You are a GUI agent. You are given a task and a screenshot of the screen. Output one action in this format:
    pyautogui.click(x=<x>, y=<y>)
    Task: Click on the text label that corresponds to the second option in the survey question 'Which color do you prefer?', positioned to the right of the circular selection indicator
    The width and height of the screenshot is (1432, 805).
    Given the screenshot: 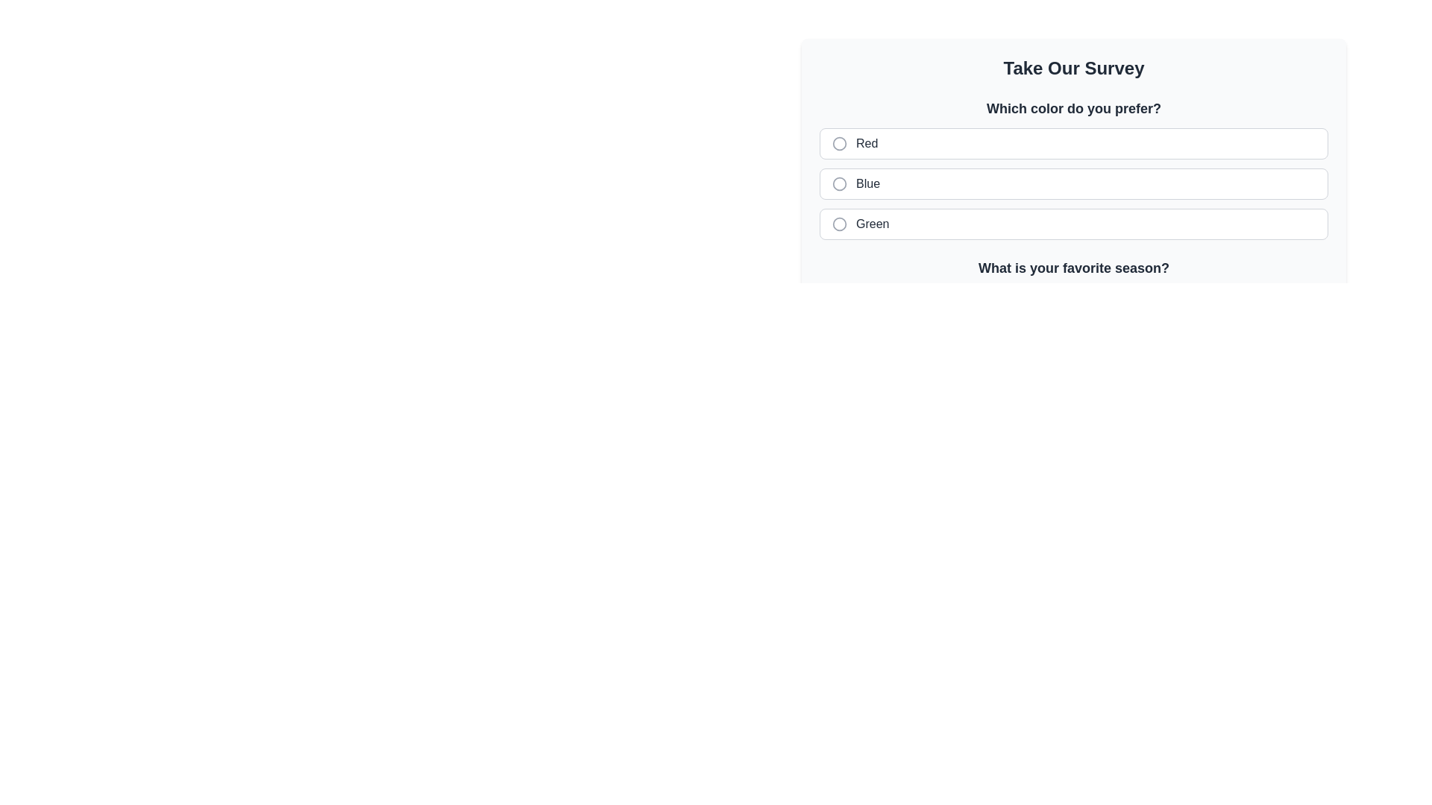 What is the action you would take?
    pyautogui.click(x=868, y=183)
    